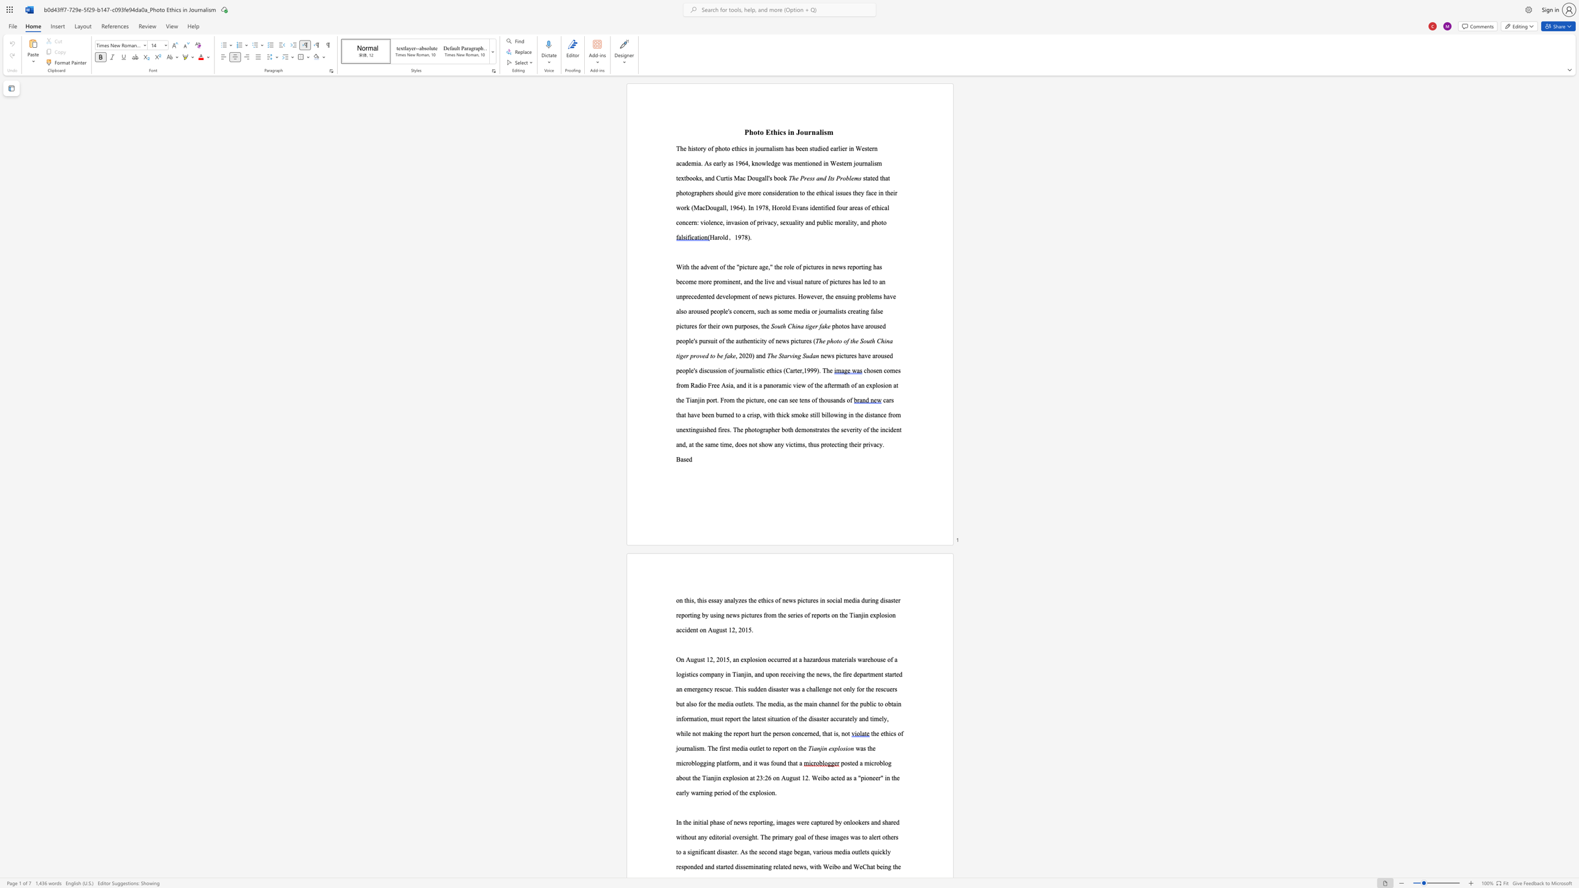  Describe the element at coordinates (851, 178) in the screenshot. I see `the 3th character "e" in the text` at that location.